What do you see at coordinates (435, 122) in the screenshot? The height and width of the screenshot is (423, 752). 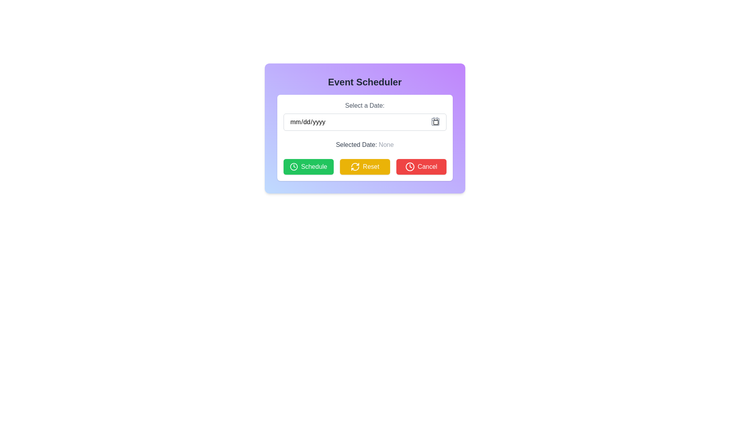 I see `the calendar icon element which serves as a button` at bounding box center [435, 122].